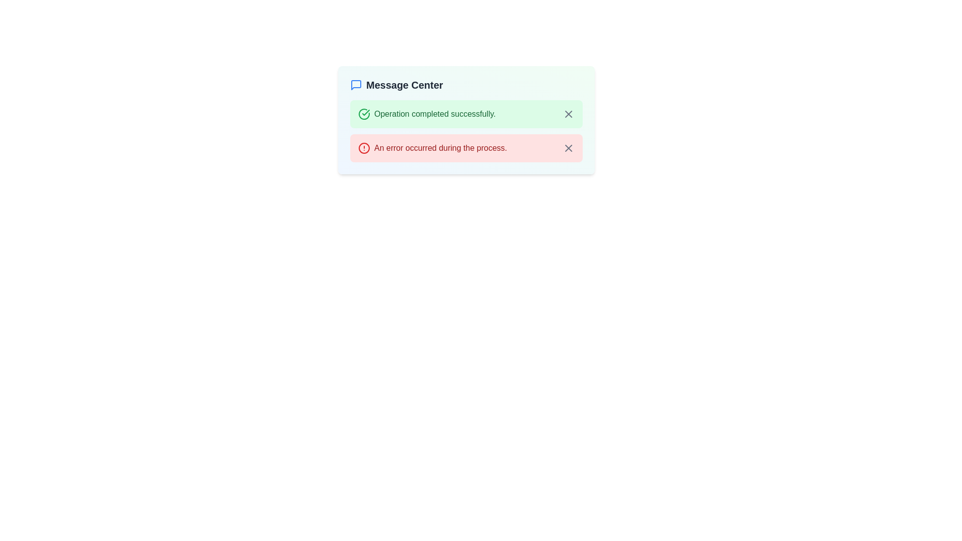 Image resolution: width=962 pixels, height=541 pixels. I want to click on error message from the Notification message with icon that displays 'An error occurred during the process.', so click(432, 148).